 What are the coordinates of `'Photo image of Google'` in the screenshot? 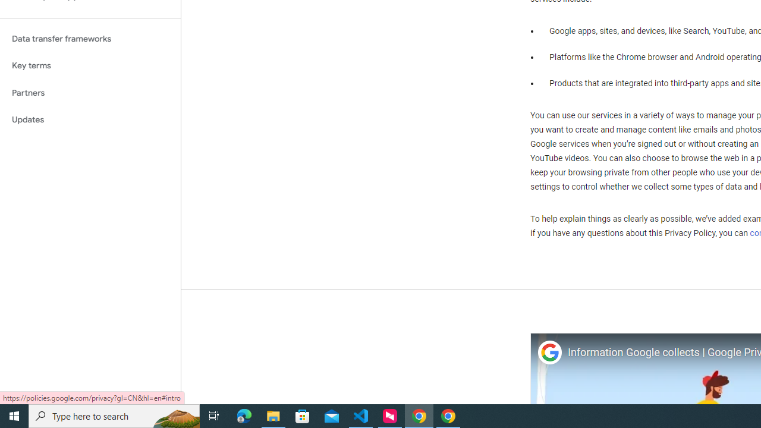 It's located at (549, 352).